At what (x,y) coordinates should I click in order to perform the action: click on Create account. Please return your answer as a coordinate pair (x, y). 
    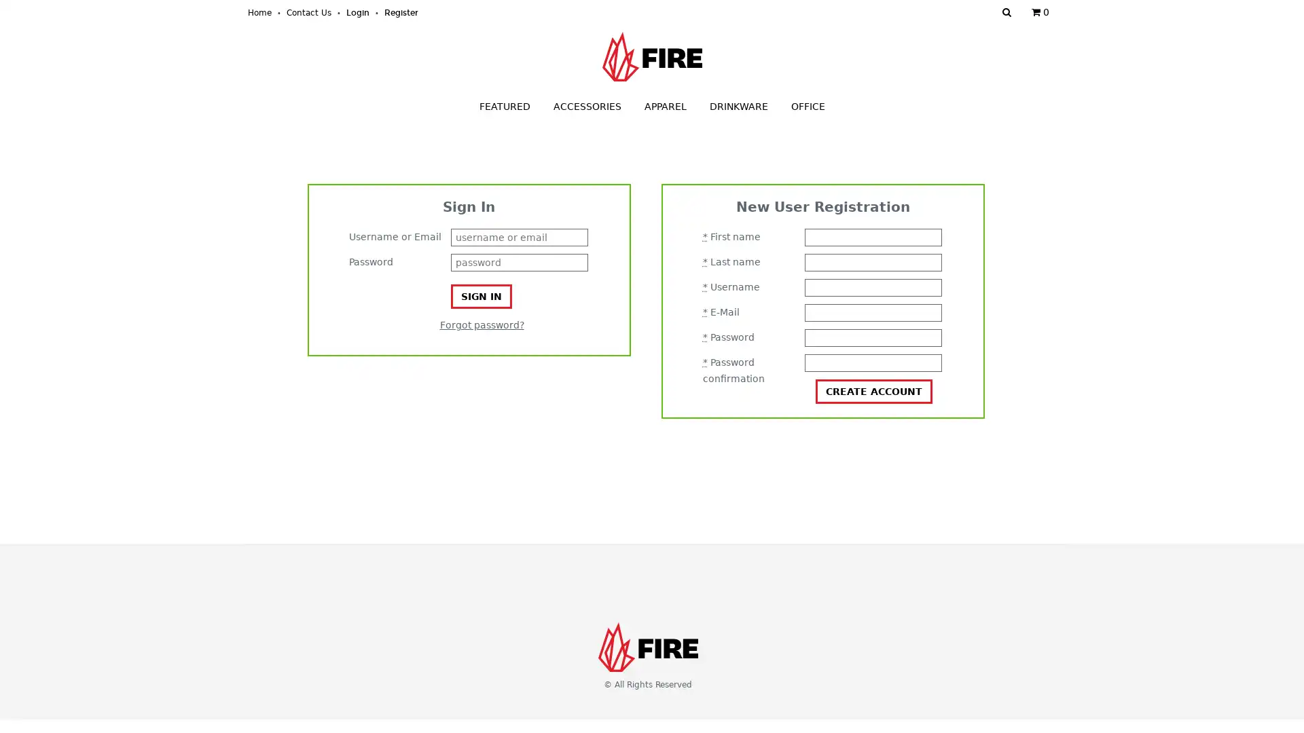
    Looking at the image, I should click on (873, 392).